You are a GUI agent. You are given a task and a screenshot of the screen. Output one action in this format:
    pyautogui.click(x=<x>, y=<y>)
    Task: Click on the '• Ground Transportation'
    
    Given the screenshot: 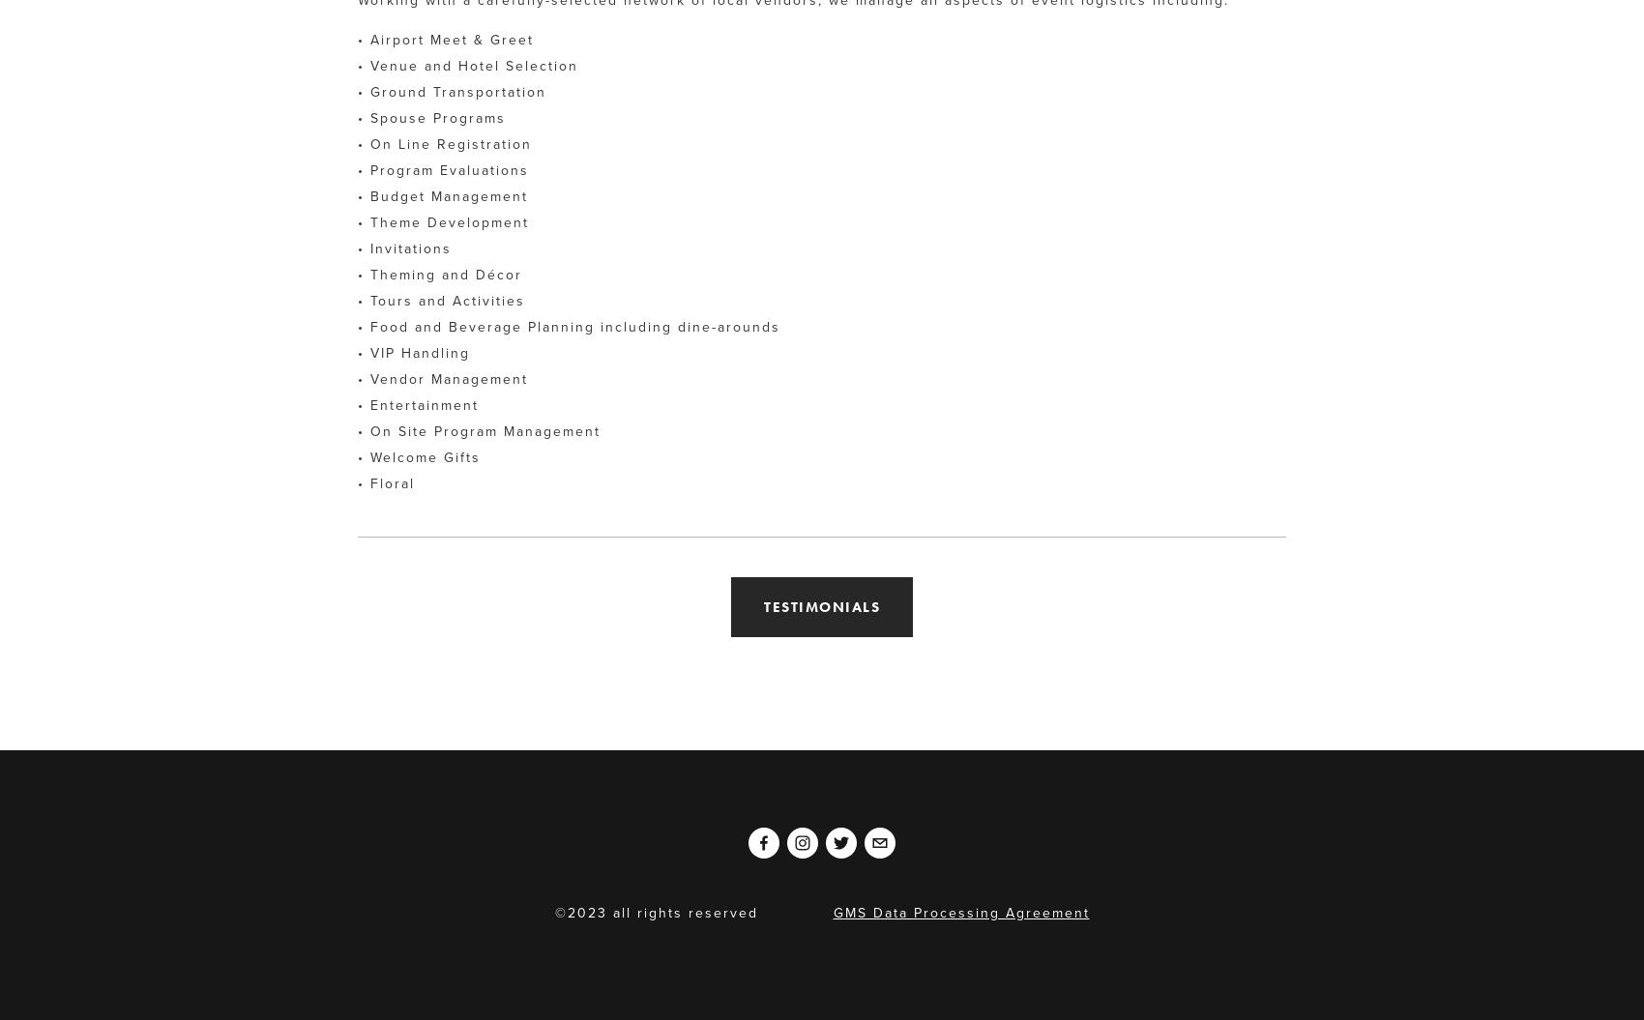 What is the action you would take?
    pyautogui.click(x=452, y=90)
    